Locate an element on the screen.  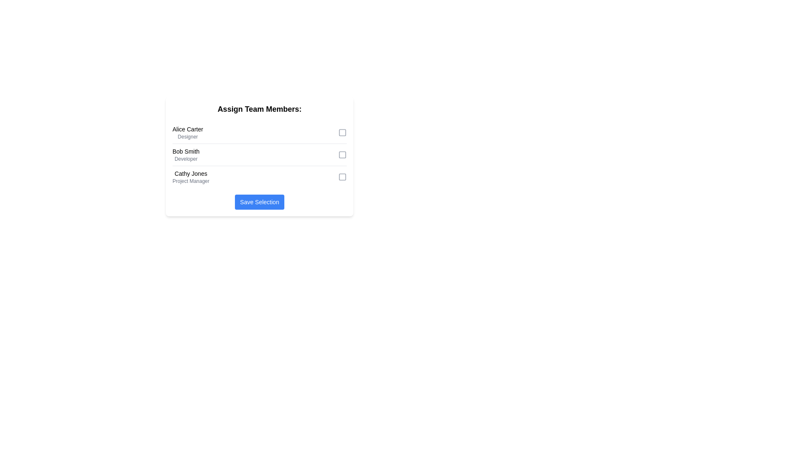
the text label indicating the role or designation of 'Cathy Jones' in the team members list, which is centrally positioned in the column of the dialog box is located at coordinates (191, 180).